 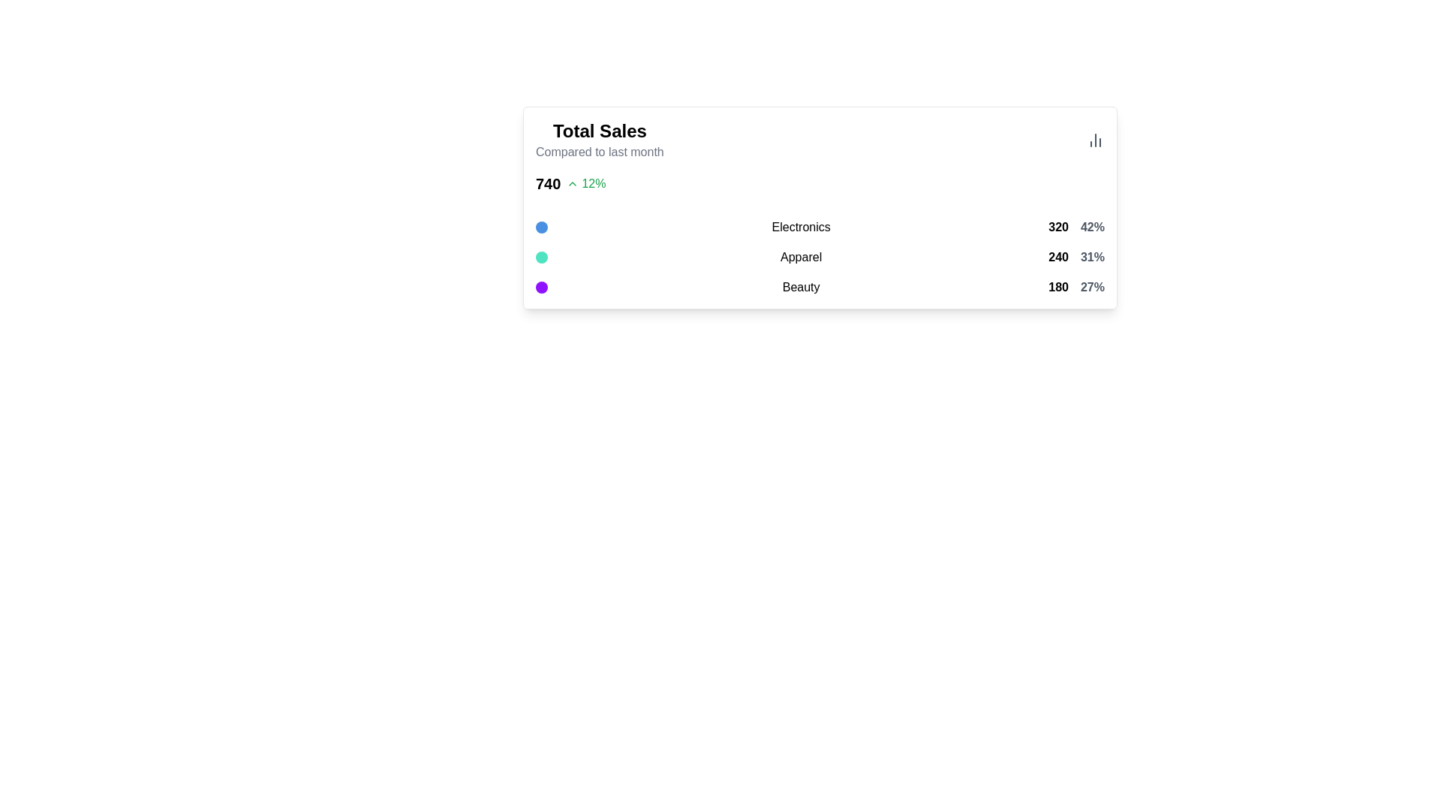 What do you see at coordinates (820, 257) in the screenshot?
I see `the displayed data in the vertically stacked textual data display with colored circles indicating categories and statistics on the right, located below the 'Total Sales' header` at bounding box center [820, 257].